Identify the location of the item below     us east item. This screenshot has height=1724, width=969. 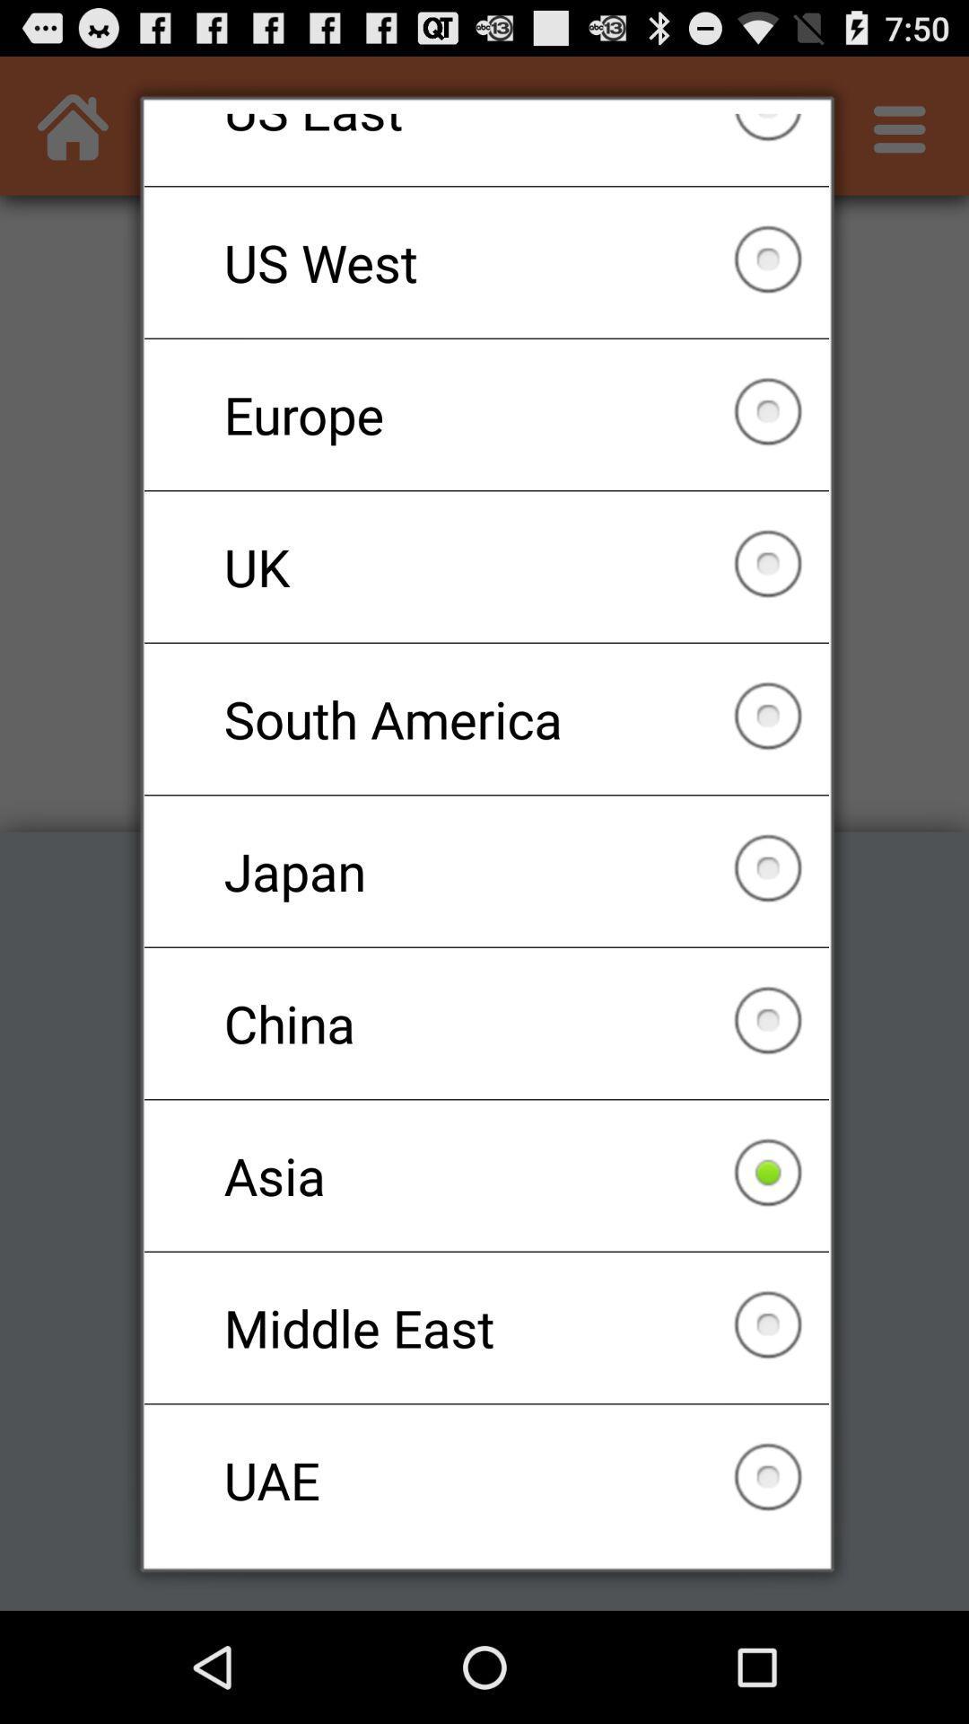
(486, 261).